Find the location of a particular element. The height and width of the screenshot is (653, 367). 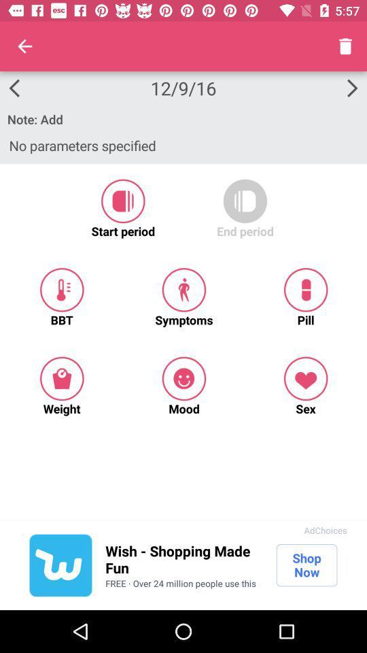

the icon to the left of 12/9/16 is located at coordinates (24, 46).